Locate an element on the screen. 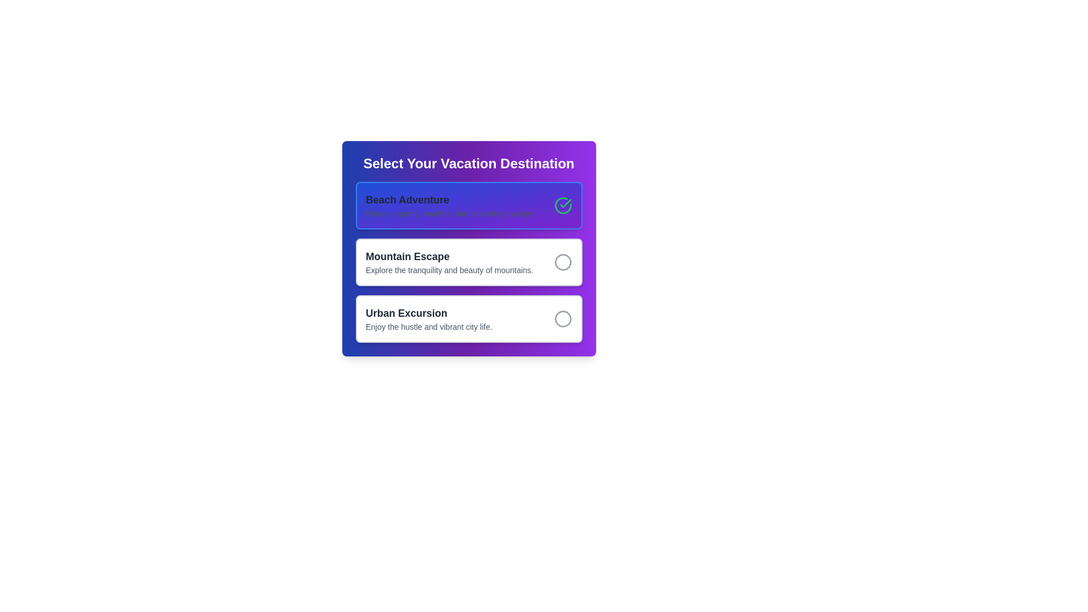 The image size is (1088, 612). descriptive text for the 'Mountain Escape' vacation option, which is the second item in the vertically organized selection menu is located at coordinates (449, 262).